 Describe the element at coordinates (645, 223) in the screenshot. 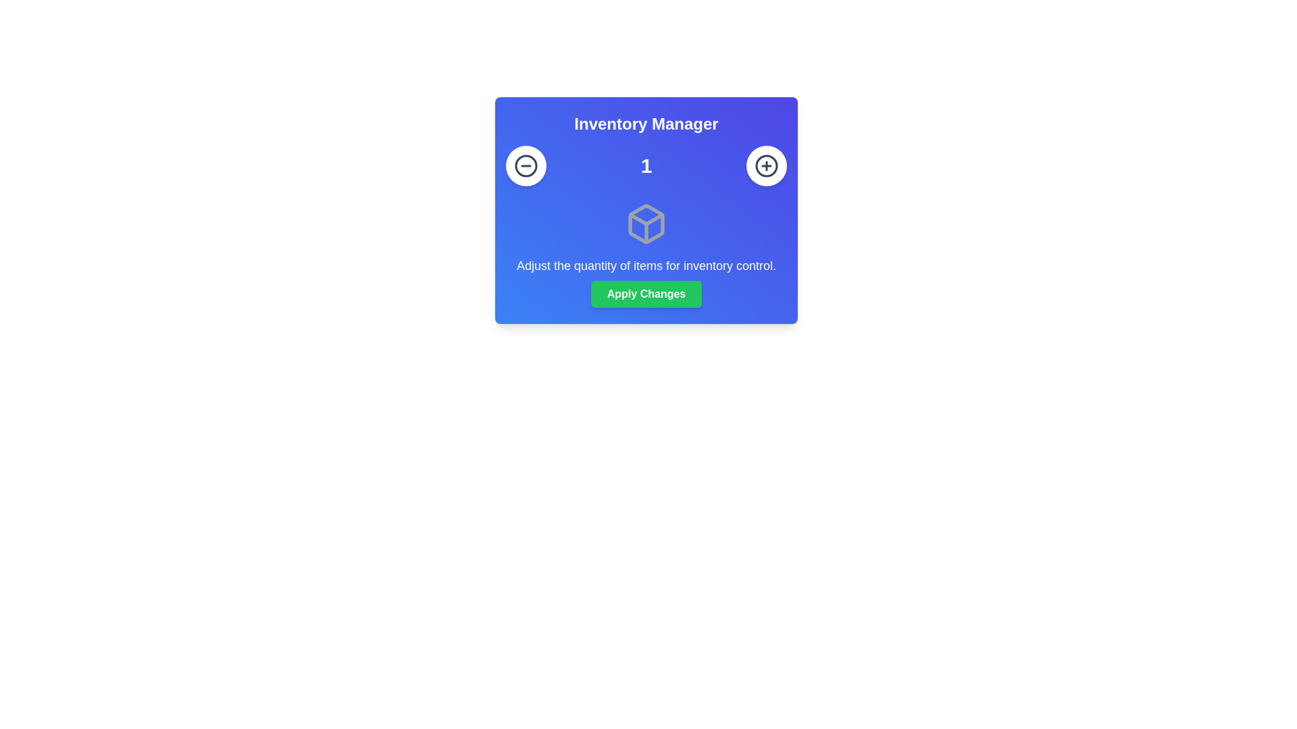

I see `the cube-like icon that symbolizes items or inventory, positioned below the number '1' and above the text 'Adjust the quantity of items for inventory control.'` at that location.